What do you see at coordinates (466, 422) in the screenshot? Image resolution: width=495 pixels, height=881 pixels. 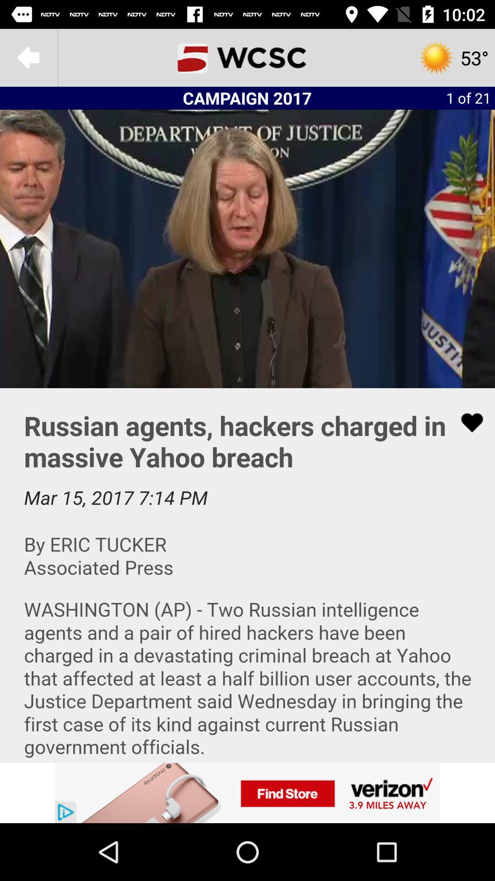 I see `selecting favorite option` at bounding box center [466, 422].